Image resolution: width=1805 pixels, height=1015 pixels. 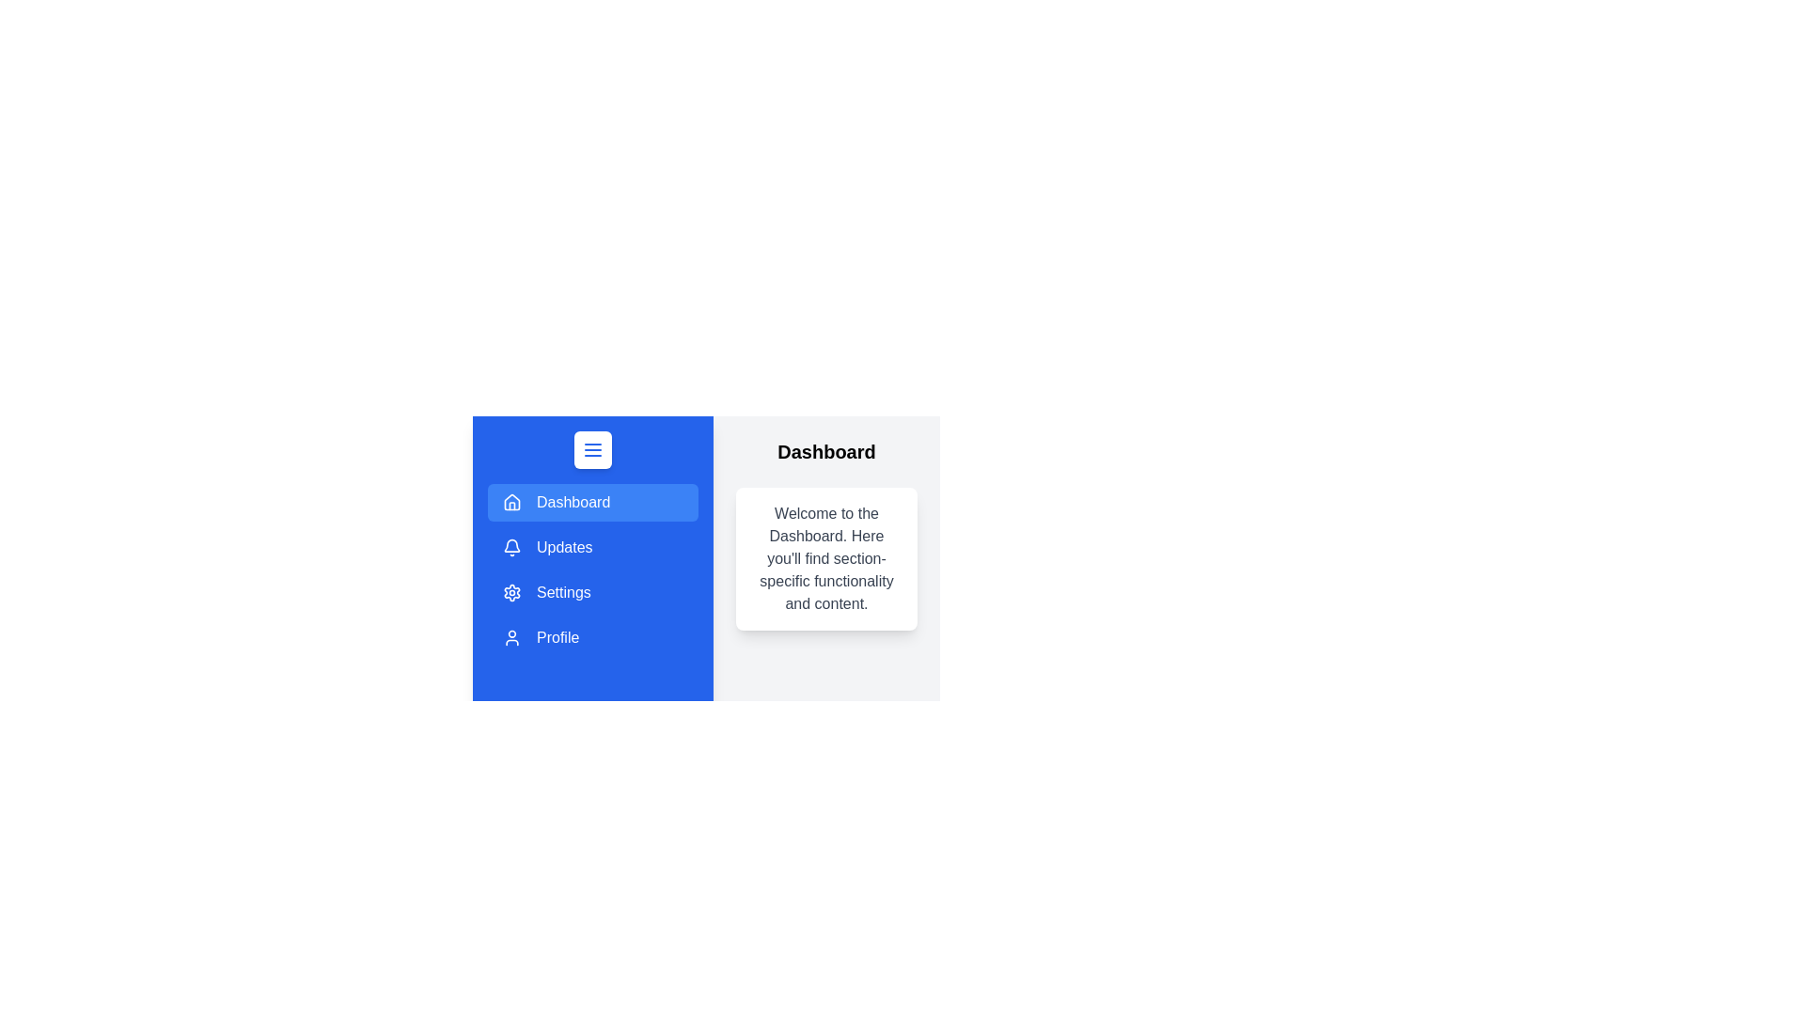 What do you see at coordinates (591, 593) in the screenshot?
I see `the menu item Settings to navigate to the corresponding page` at bounding box center [591, 593].